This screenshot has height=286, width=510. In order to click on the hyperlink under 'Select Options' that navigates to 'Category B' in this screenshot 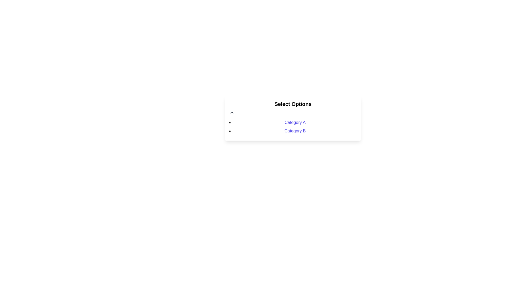, I will do `click(295, 131)`.